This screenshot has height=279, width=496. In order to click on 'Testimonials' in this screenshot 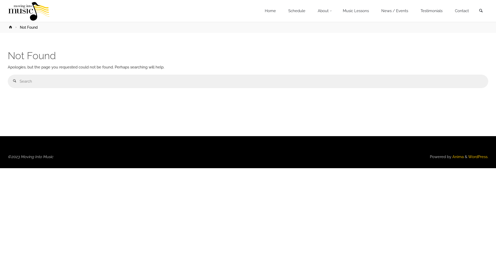, I will do `click(414, 11)`.